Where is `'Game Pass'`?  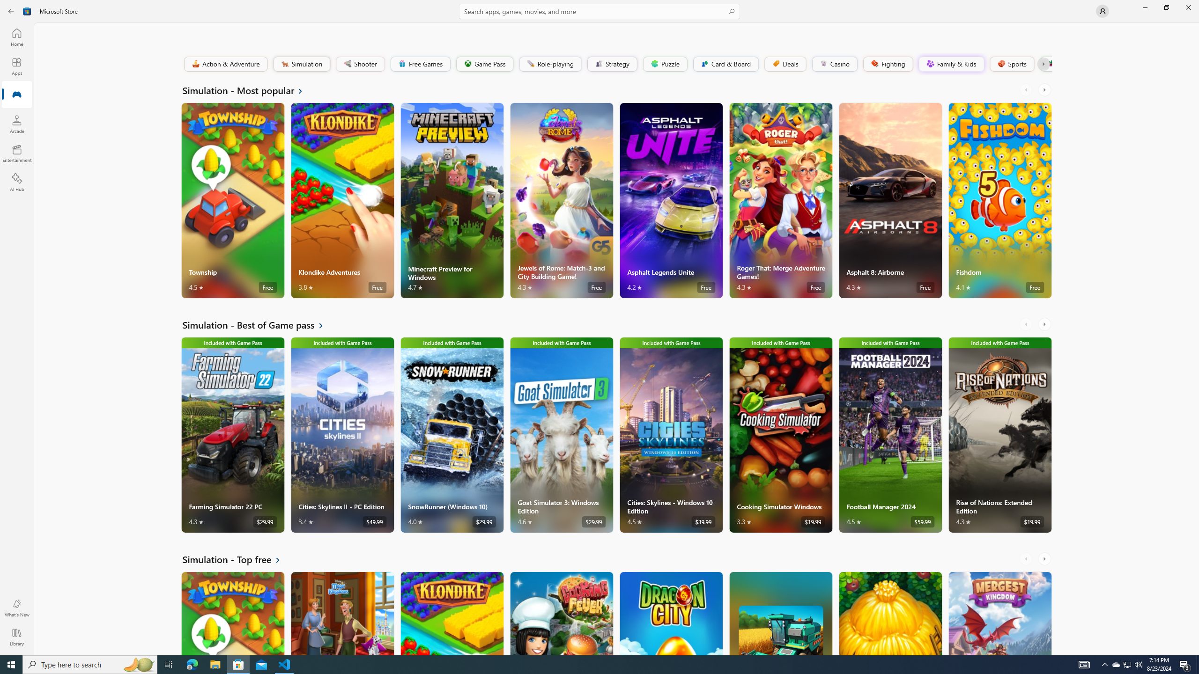 'Game Pass' is located at coordinates (484, 63).